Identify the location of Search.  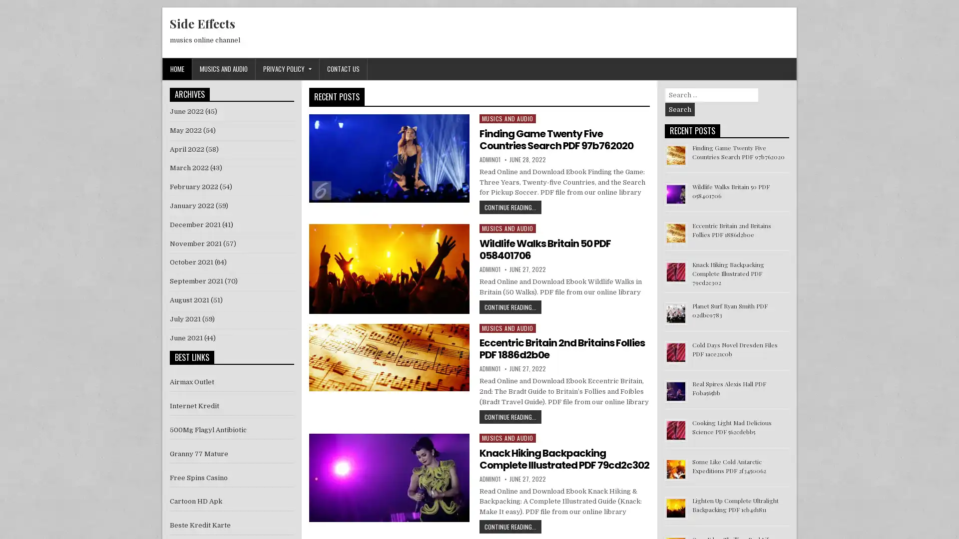
(679, 109).